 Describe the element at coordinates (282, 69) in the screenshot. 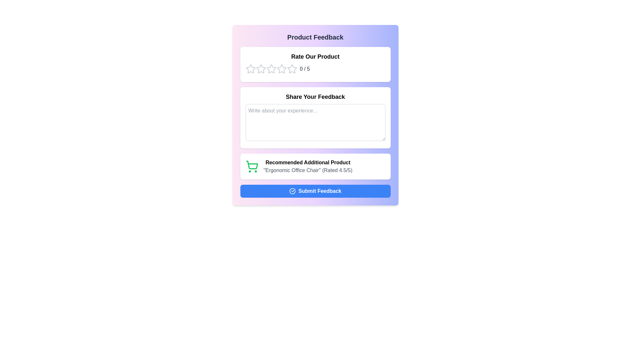

I see `the fourth star icon in the 'Rate Our Product' section to rate the product` at that location.